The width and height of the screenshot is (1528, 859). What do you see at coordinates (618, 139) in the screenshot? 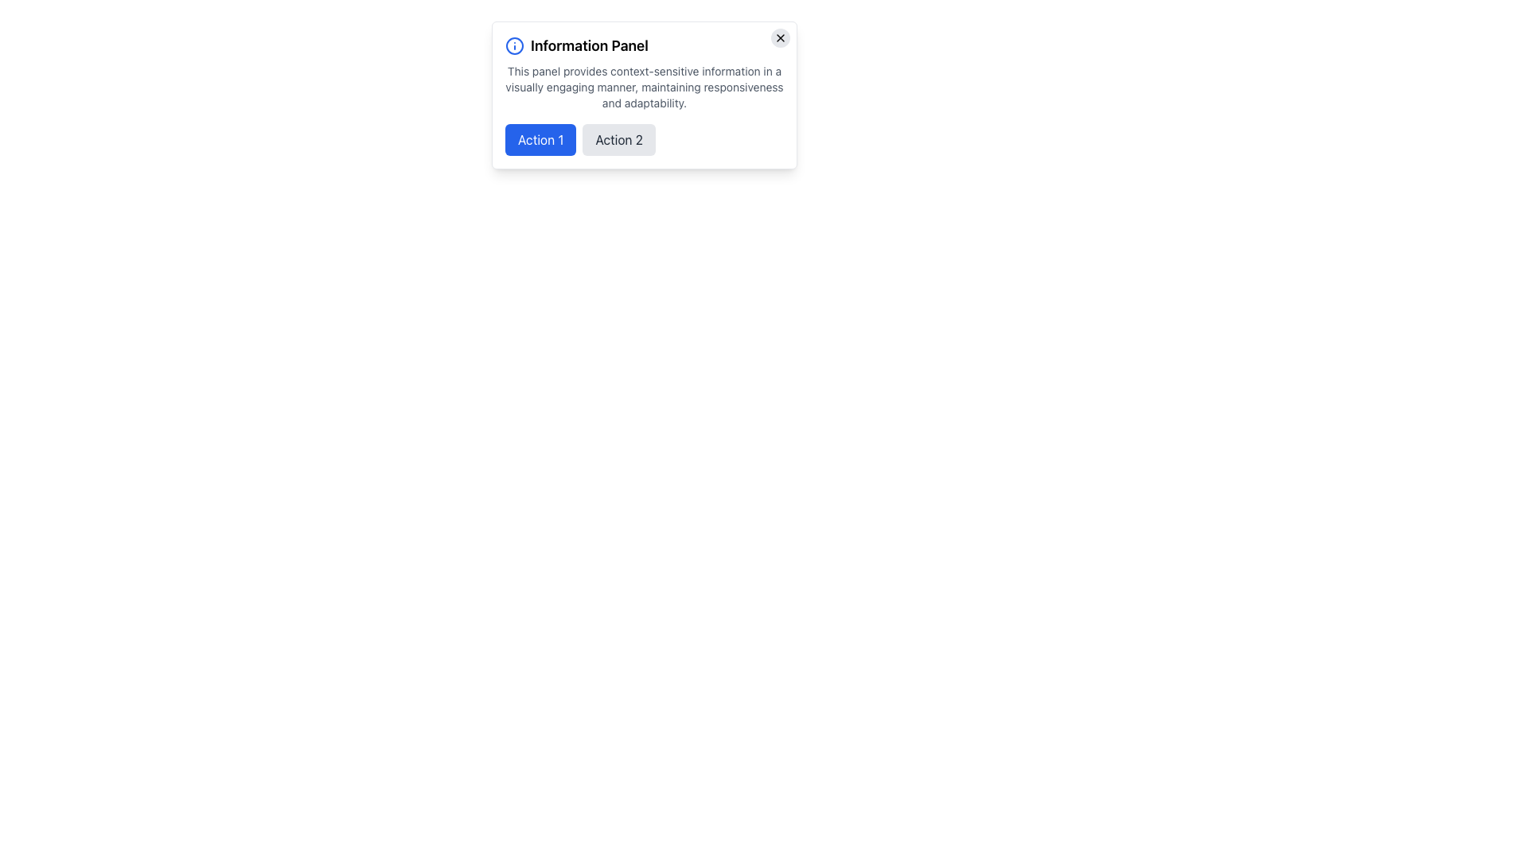
I see `the second button in the horizontal arrangement` at bounding box center [618, 139].